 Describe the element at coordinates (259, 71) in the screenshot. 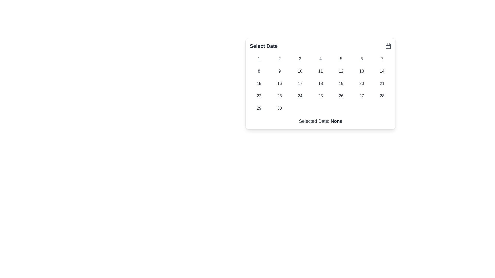

I see `the date selector button located in the second row and first column of the date button grid in the 'Select Date' panel` at that location.